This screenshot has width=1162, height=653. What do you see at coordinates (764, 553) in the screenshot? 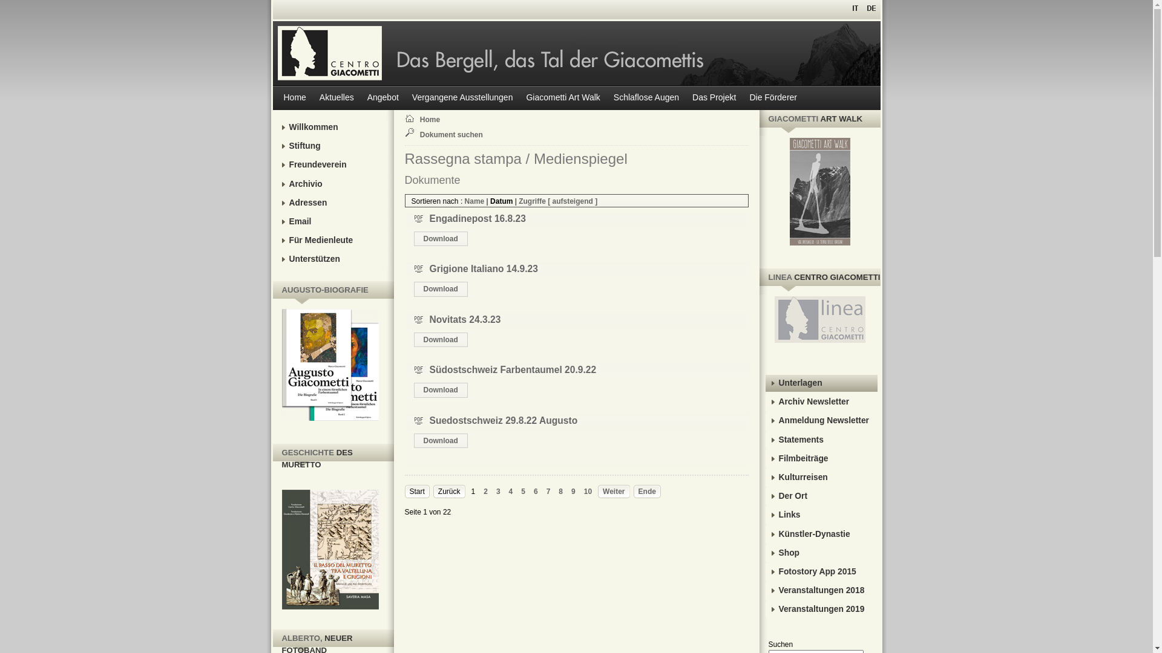
I see `'Shop'` at bounding box center [764, 553].